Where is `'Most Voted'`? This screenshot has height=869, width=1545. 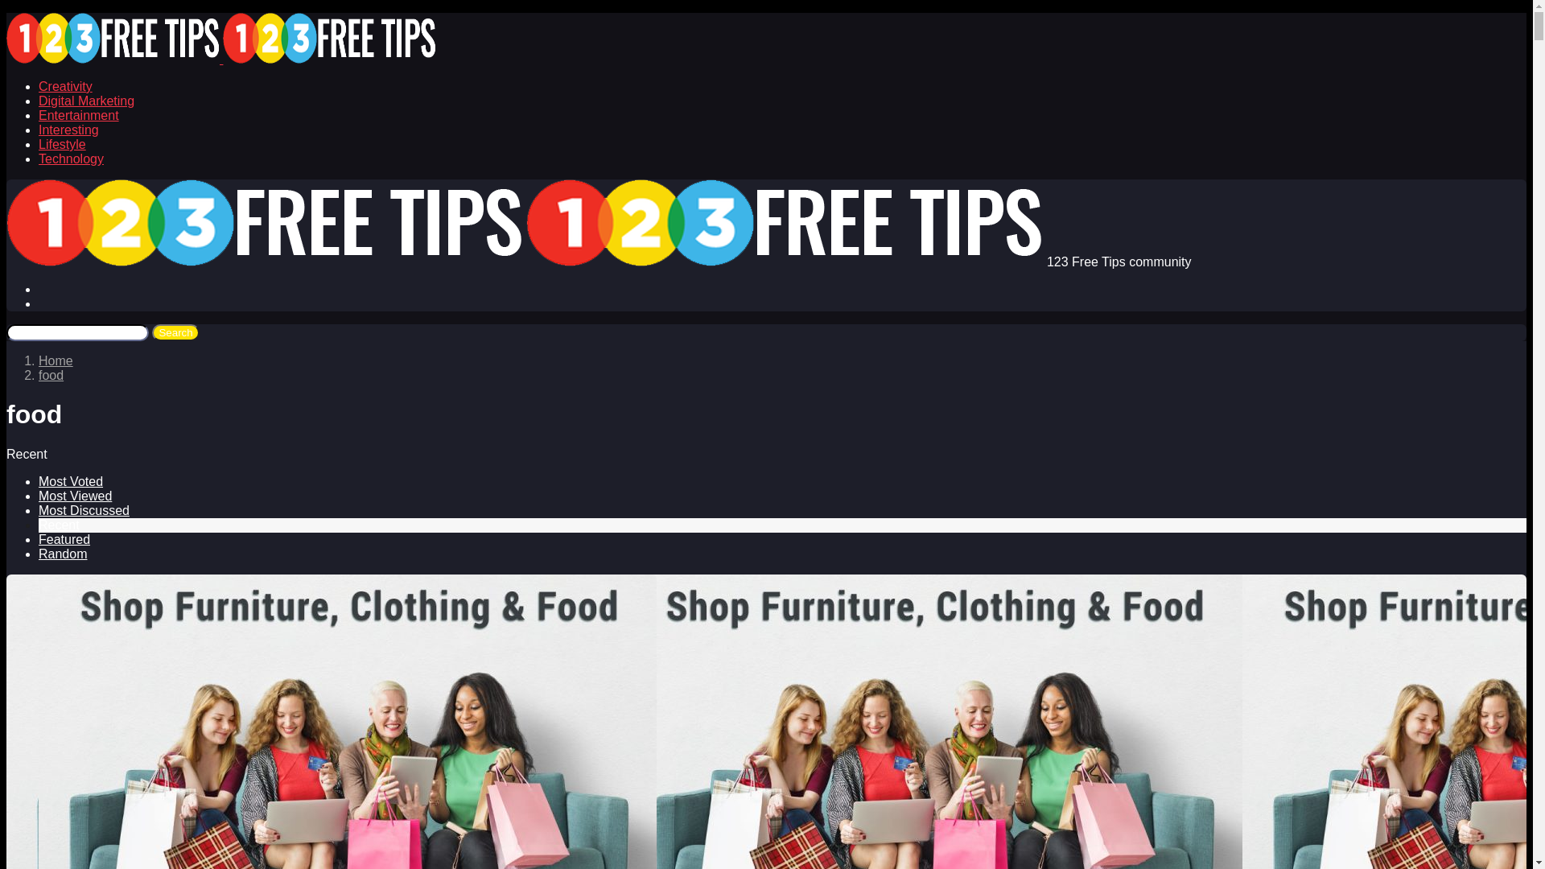
'Most Voted' is located at coordinates (69, 480).